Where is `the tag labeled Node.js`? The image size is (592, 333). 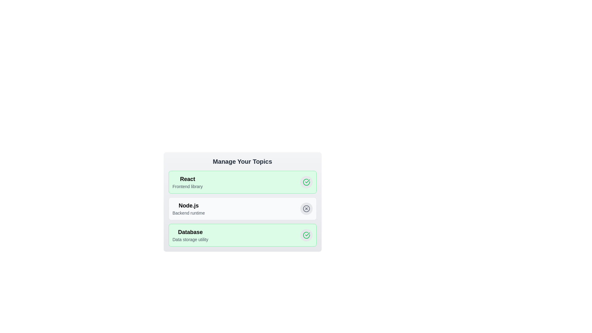
the tag labeled Node.js is located at coordinates (306, 208).